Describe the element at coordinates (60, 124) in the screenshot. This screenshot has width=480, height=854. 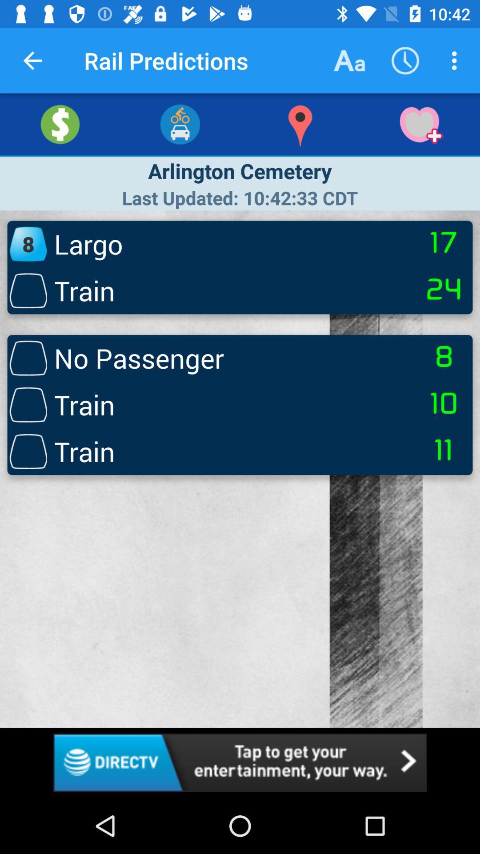
I see `show cost` at that location.